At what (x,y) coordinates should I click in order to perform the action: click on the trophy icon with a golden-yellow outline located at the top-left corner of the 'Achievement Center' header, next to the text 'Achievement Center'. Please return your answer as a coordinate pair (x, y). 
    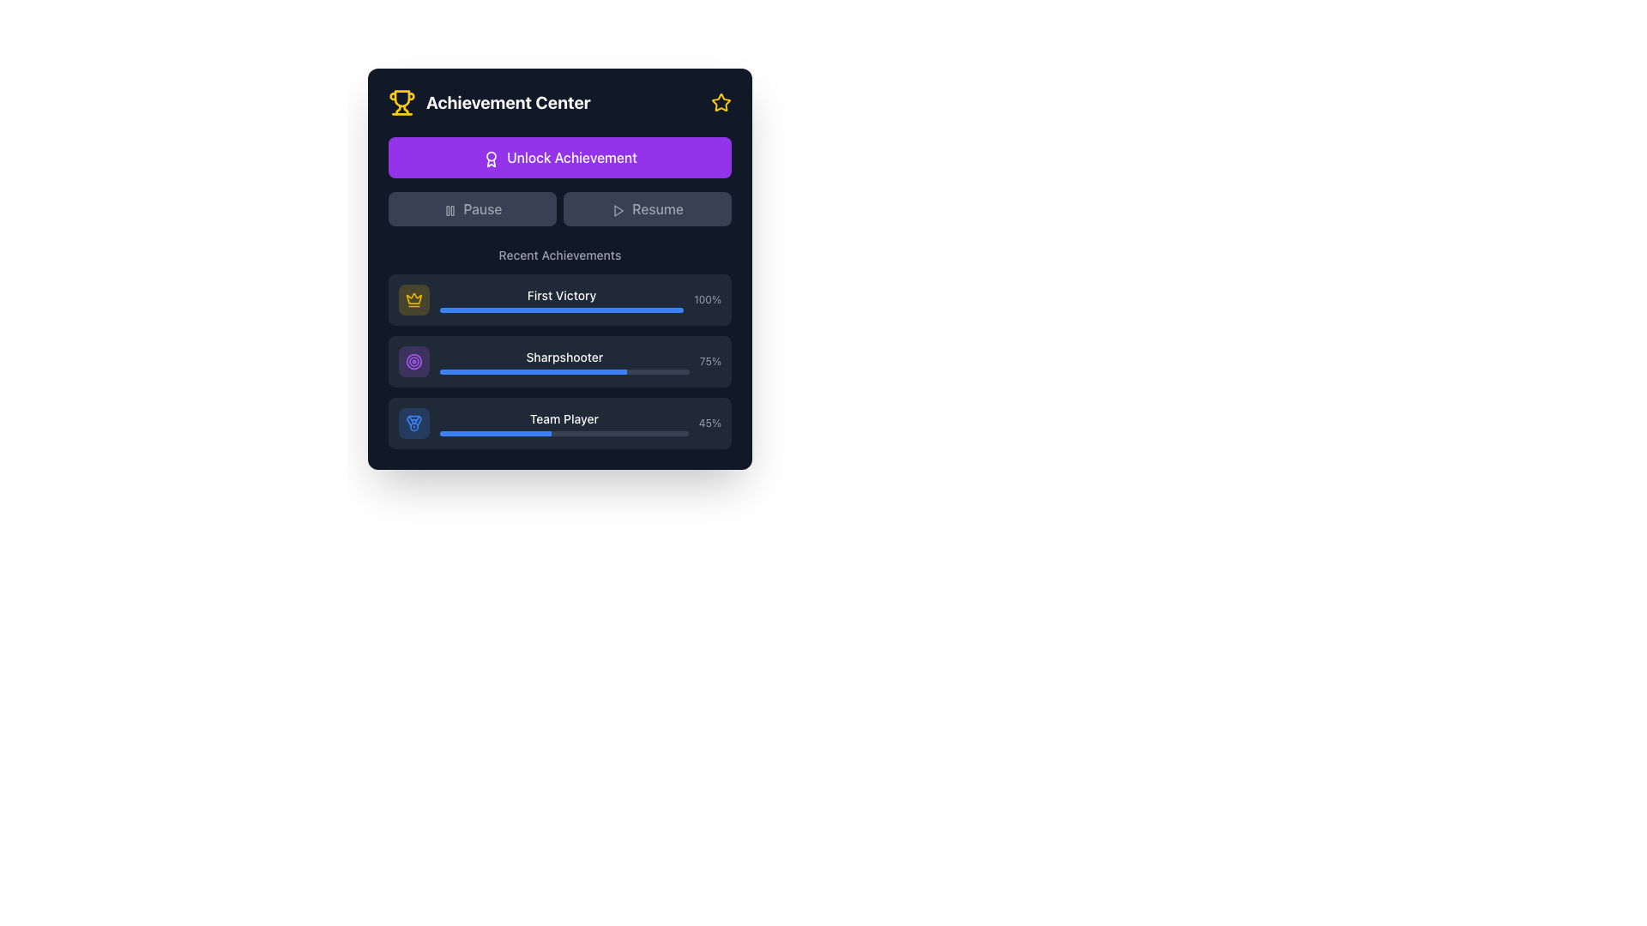
    Looking at the image, I should click on (401, 102).